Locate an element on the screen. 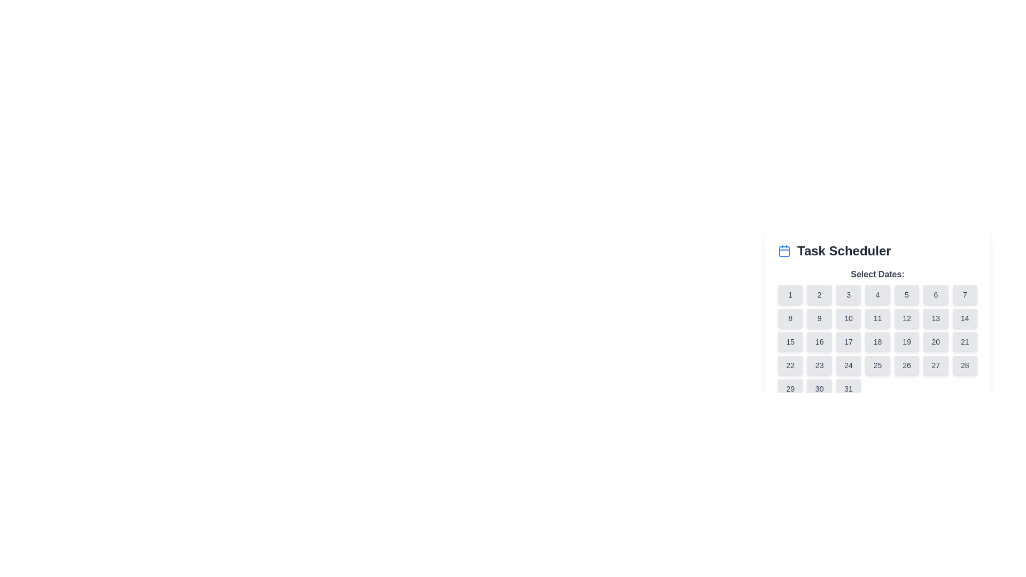 The image size is (1026, 577). the rectangular button with a light gray background and the text '27' is located at coordinates (935, 364).